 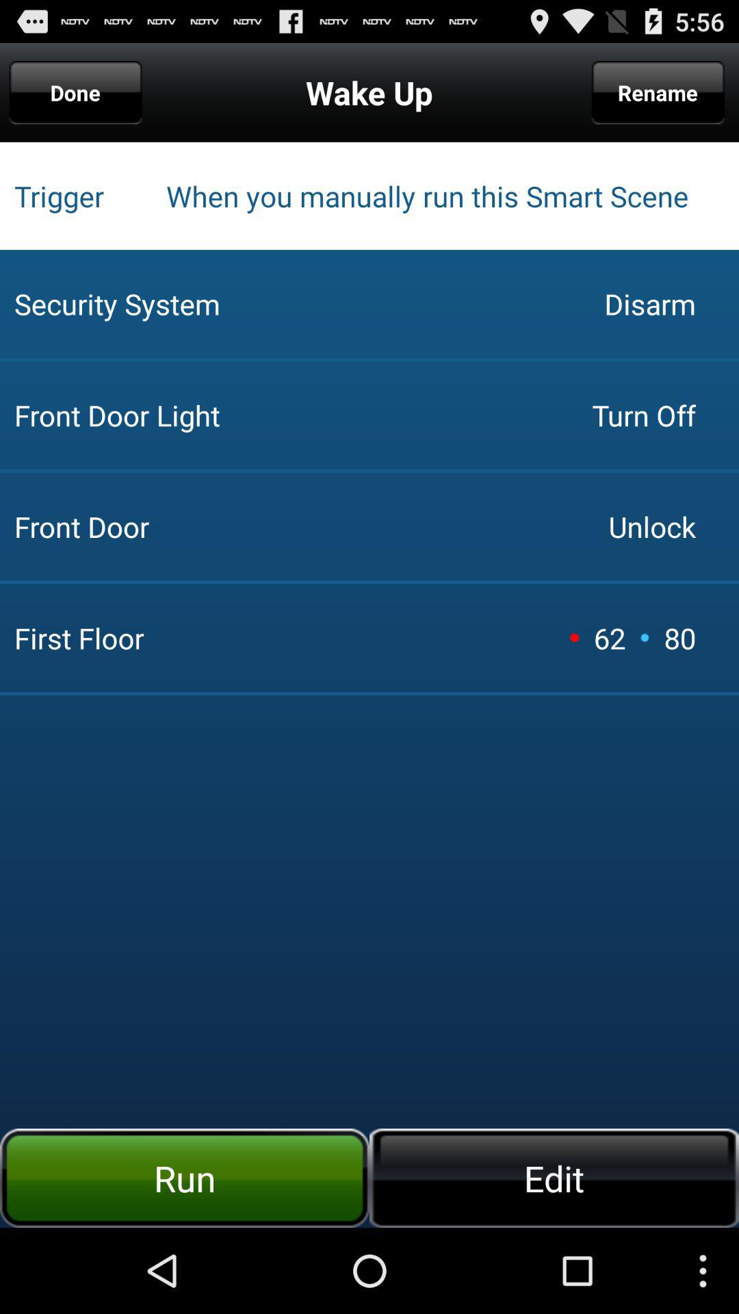 What do you see at coordinates (651, 526) in the screenshot?
I see `unlock app` at bounding box center [651, 526].